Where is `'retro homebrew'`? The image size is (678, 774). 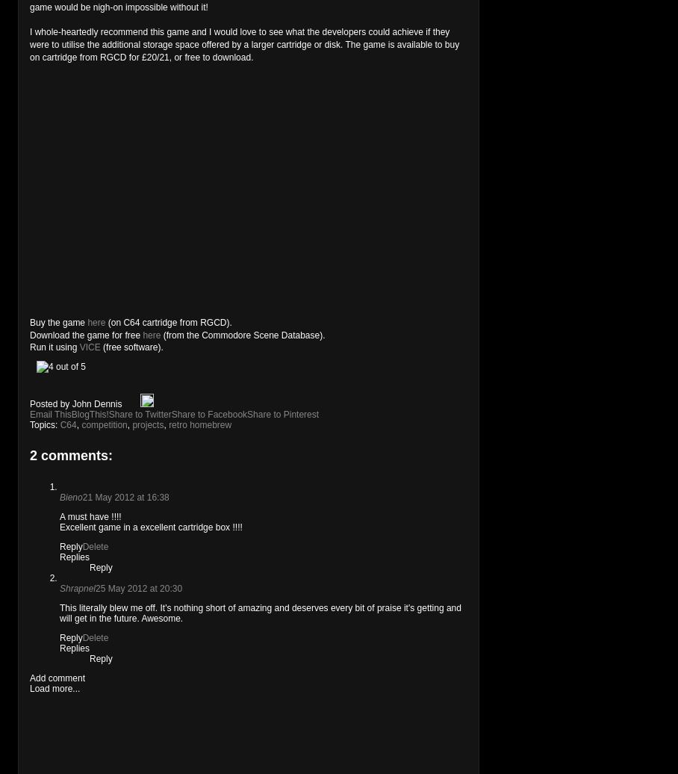
'retro homebrew' is located at coordinates (200, 424).